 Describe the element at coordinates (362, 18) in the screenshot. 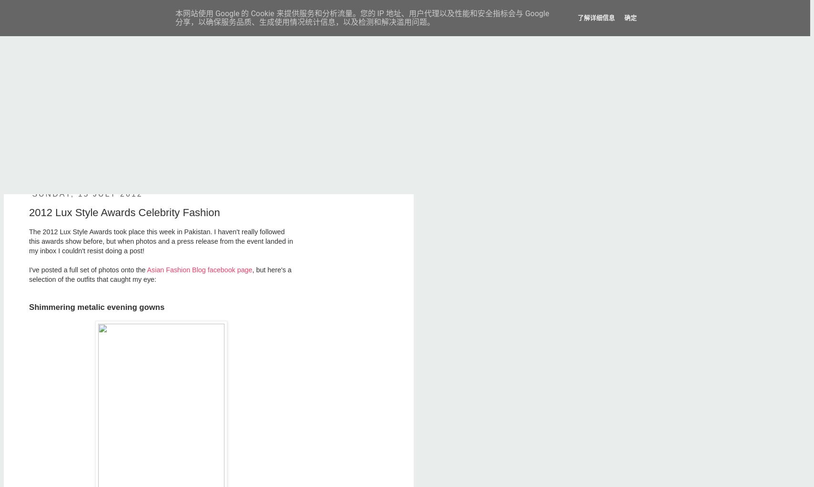

I see `'本网站使用 Google 的 Cookie 来提供服务和分析流量。您的 IP 地址、用户代理以及性能和安全指标会与 Google 分享，以确保服务品质、生成使用情况统计信息，以及检测和解决滥用问题。'` at that location.